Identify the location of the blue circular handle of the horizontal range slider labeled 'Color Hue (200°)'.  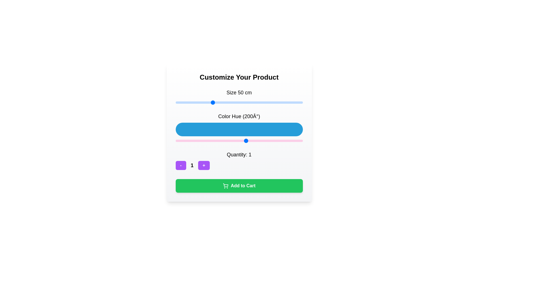
(239, 141).